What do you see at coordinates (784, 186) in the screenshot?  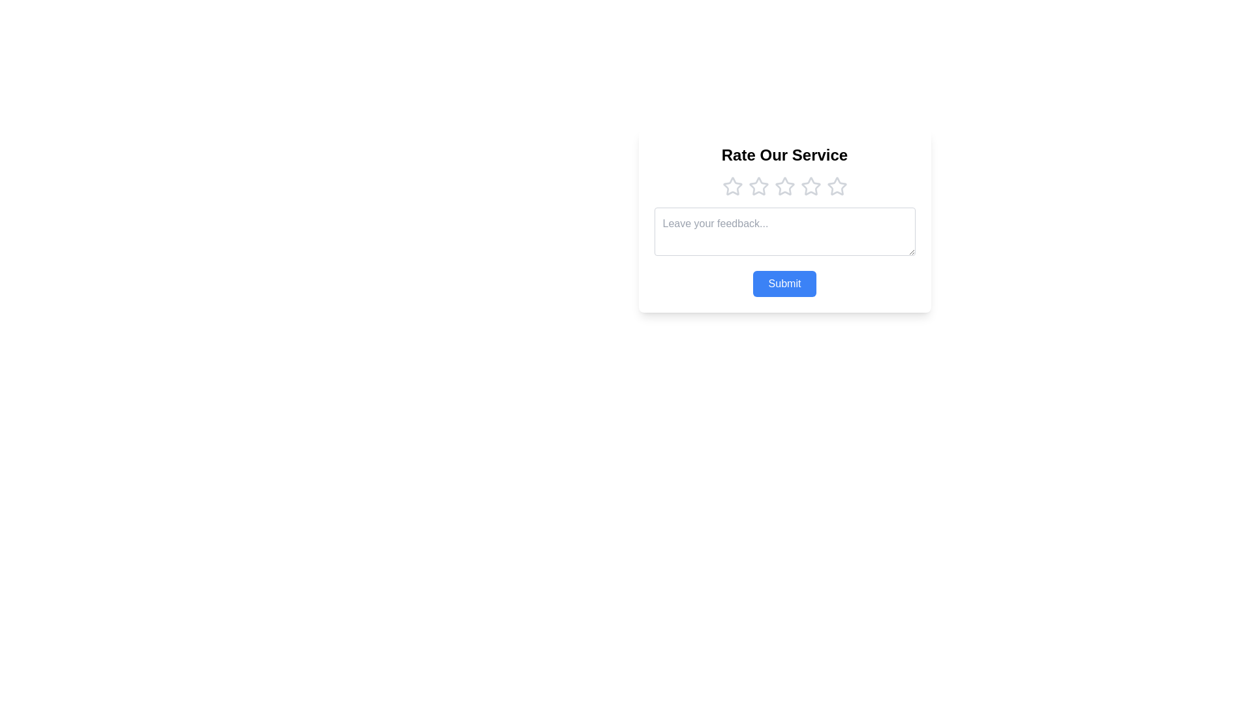 I see `the third star in the rating system` at bounding box center [784, 186].